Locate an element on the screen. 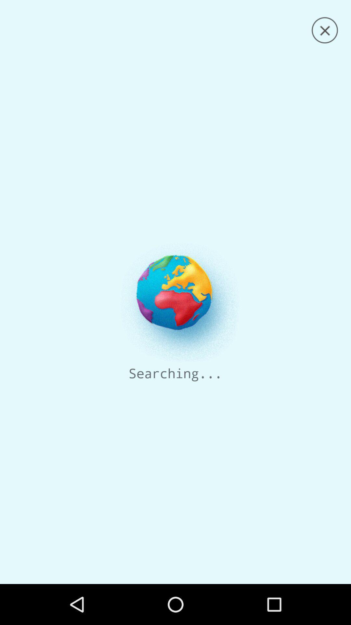 Image resolution: width=351 pixels, height=625 pixels. icon at the top right corner is located at coordinates (325, 30).